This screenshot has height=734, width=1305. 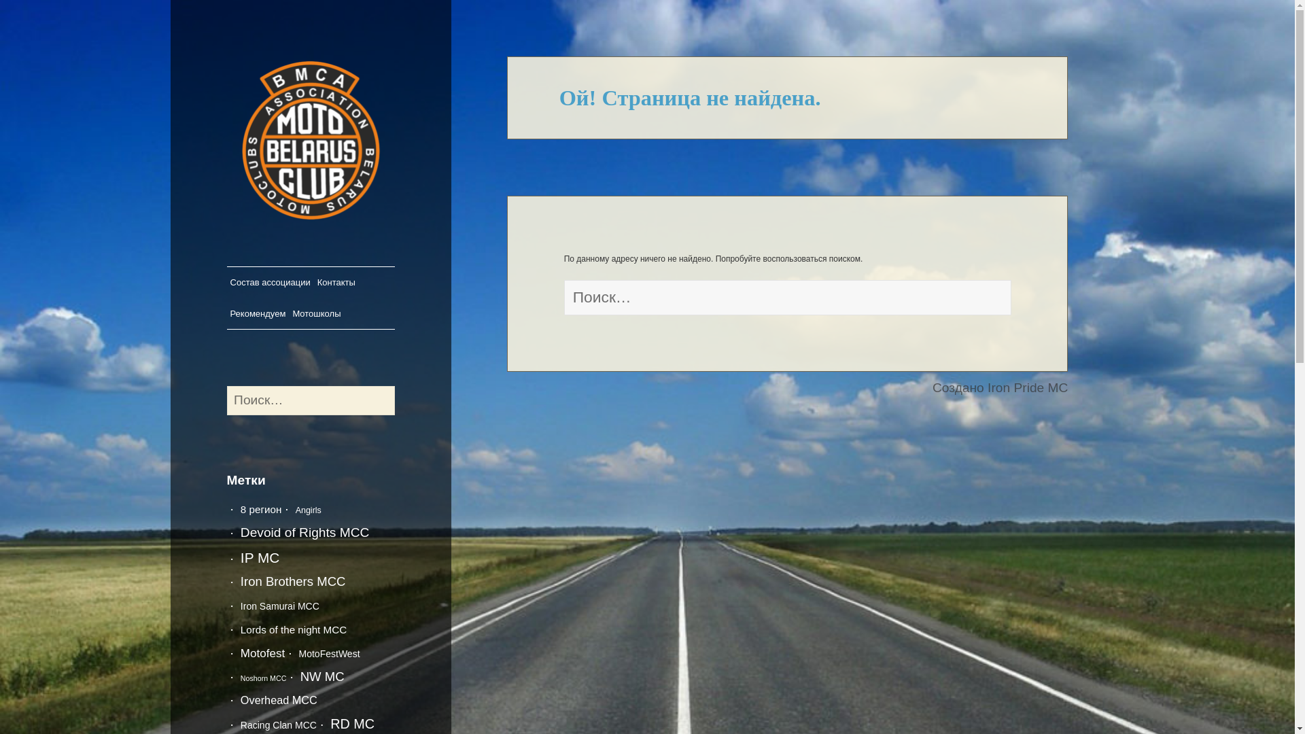 I want to click on 'MotoFestWest', so click(x=298, y=652).